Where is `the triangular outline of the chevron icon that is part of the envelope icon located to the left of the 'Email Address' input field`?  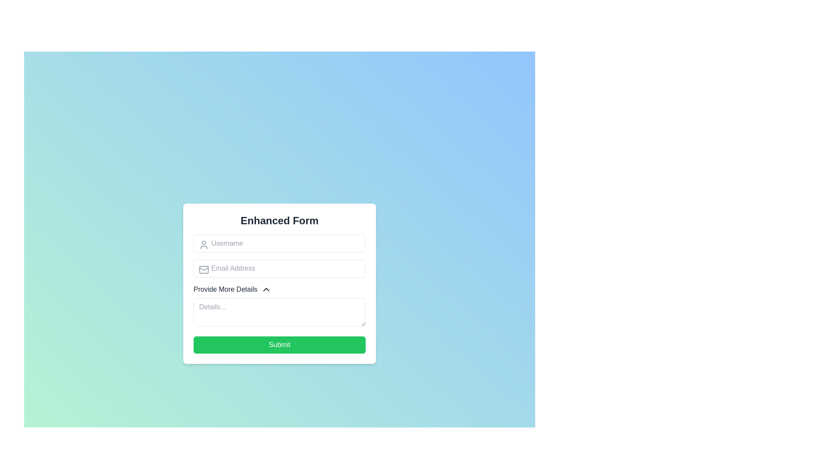
the triangular outline of the chevron icon that is part of the envelope icon located to the left of the 'Email Address' input field is located at coordinates (203, 268).